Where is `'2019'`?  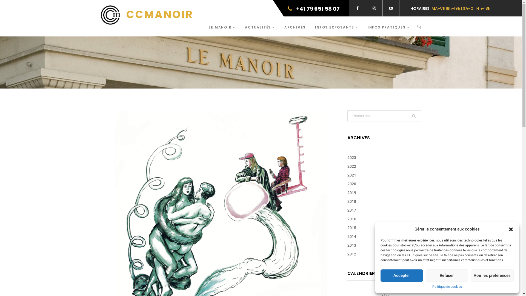 '2019' is located at coordinates (351, 192).